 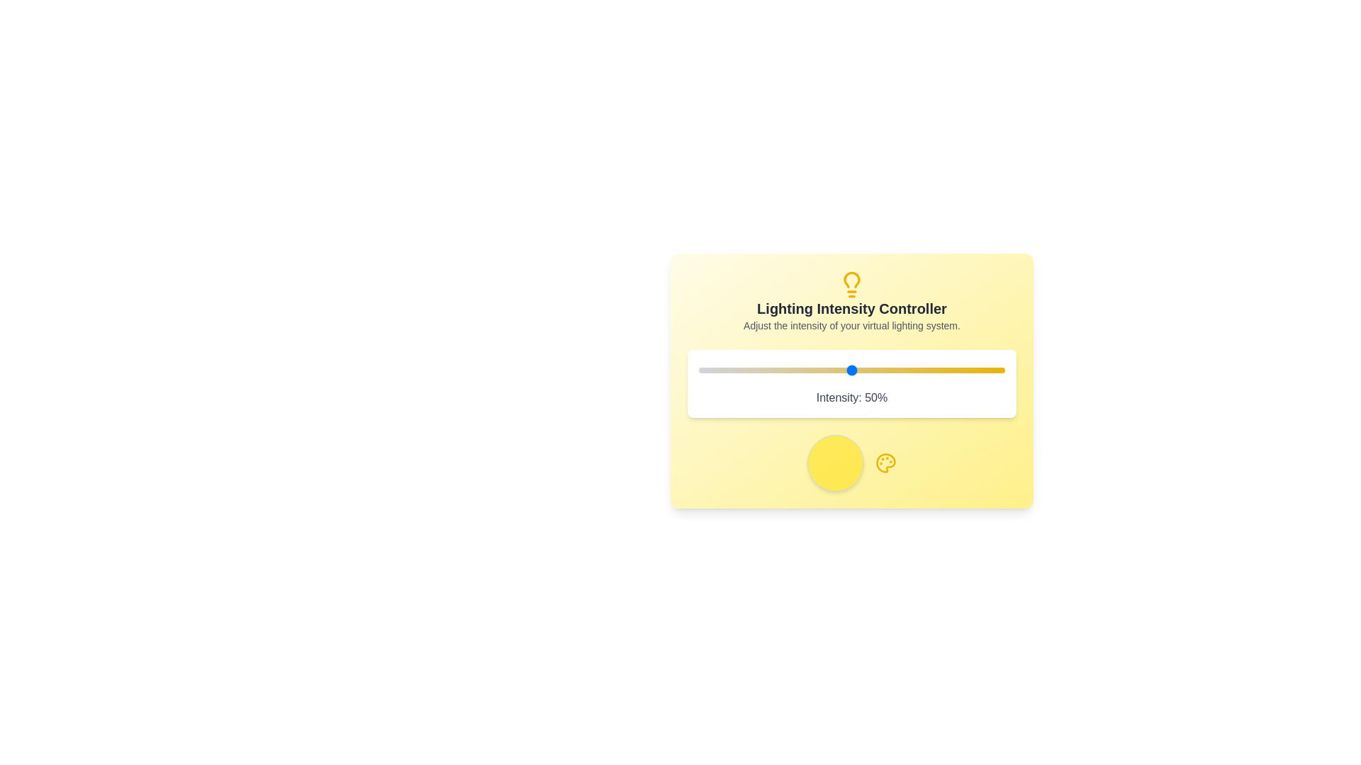 I want to click on the slider to set the lighting intensity to 90%, so click(x=973, y=370).